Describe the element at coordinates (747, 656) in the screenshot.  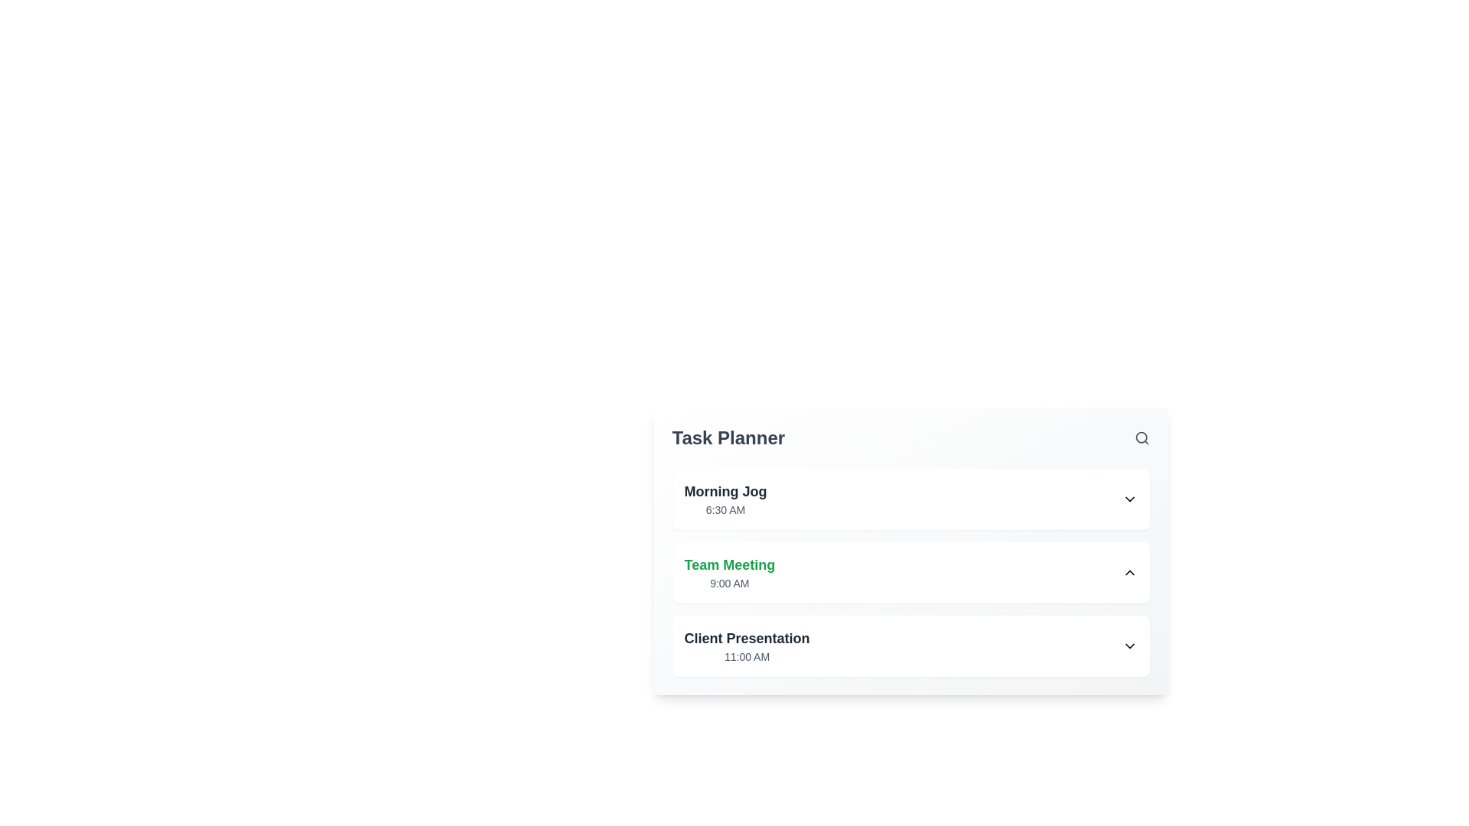
I see `the time indicator label for the 'Client Presentation' task located in the lower section of the task list` at that location.